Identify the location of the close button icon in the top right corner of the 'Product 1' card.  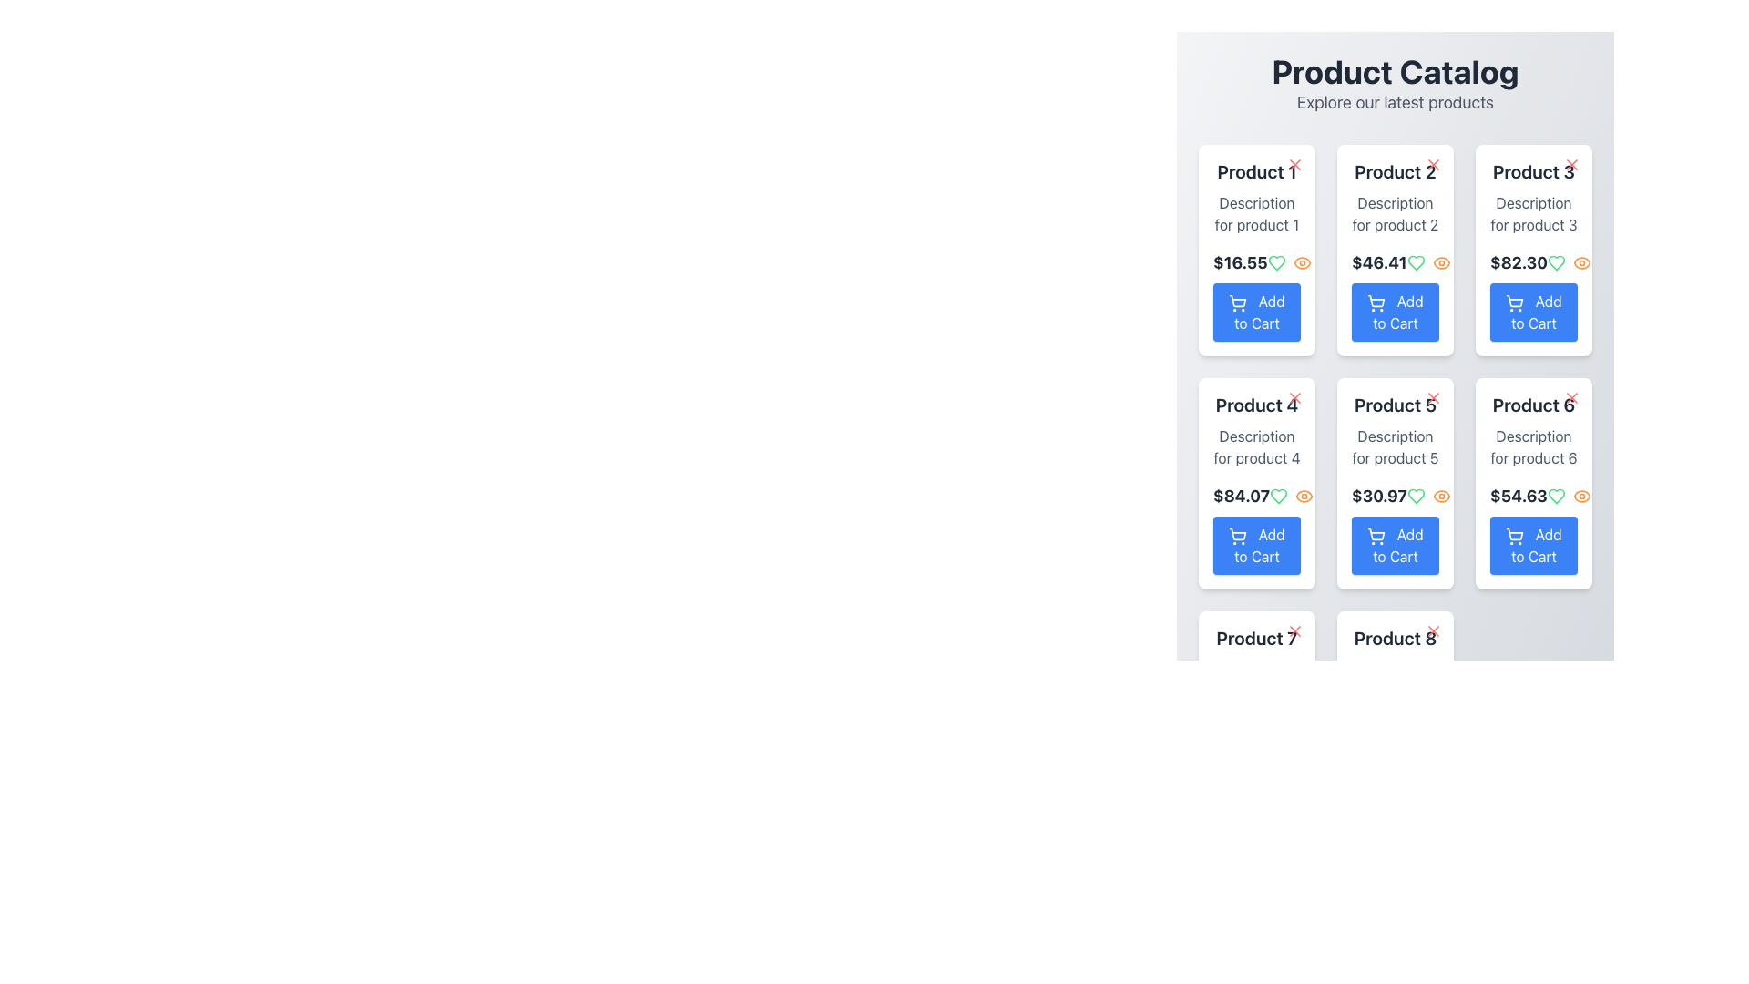
(1294, 165).